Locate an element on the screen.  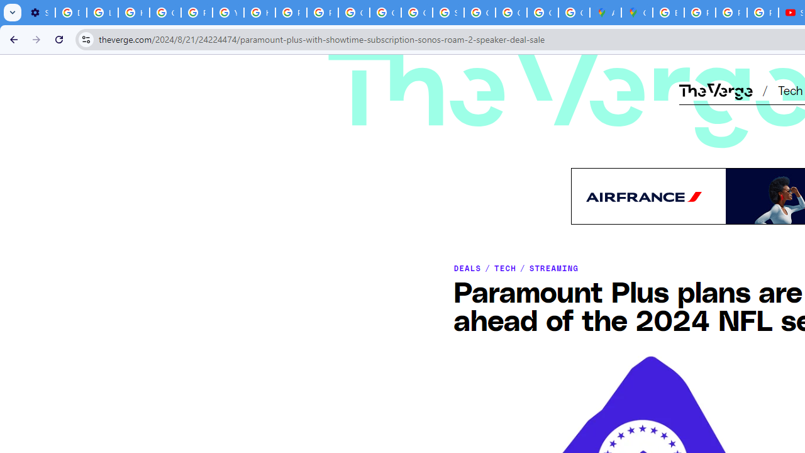
'TECH' is located at coordinates (504, 267).